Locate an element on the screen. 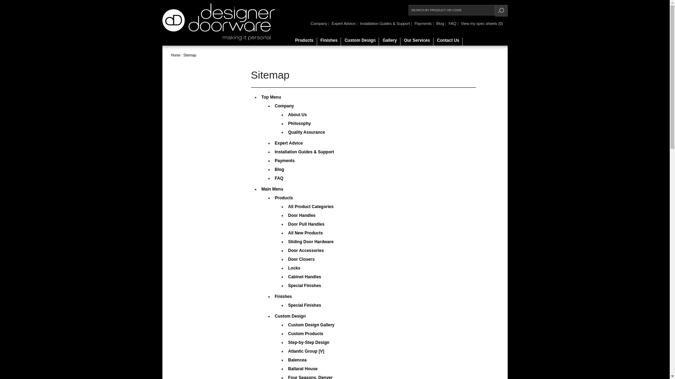 The height and width of the screenshot is (379, 675). 'Philosophy' is located at coordinates (300, 123).